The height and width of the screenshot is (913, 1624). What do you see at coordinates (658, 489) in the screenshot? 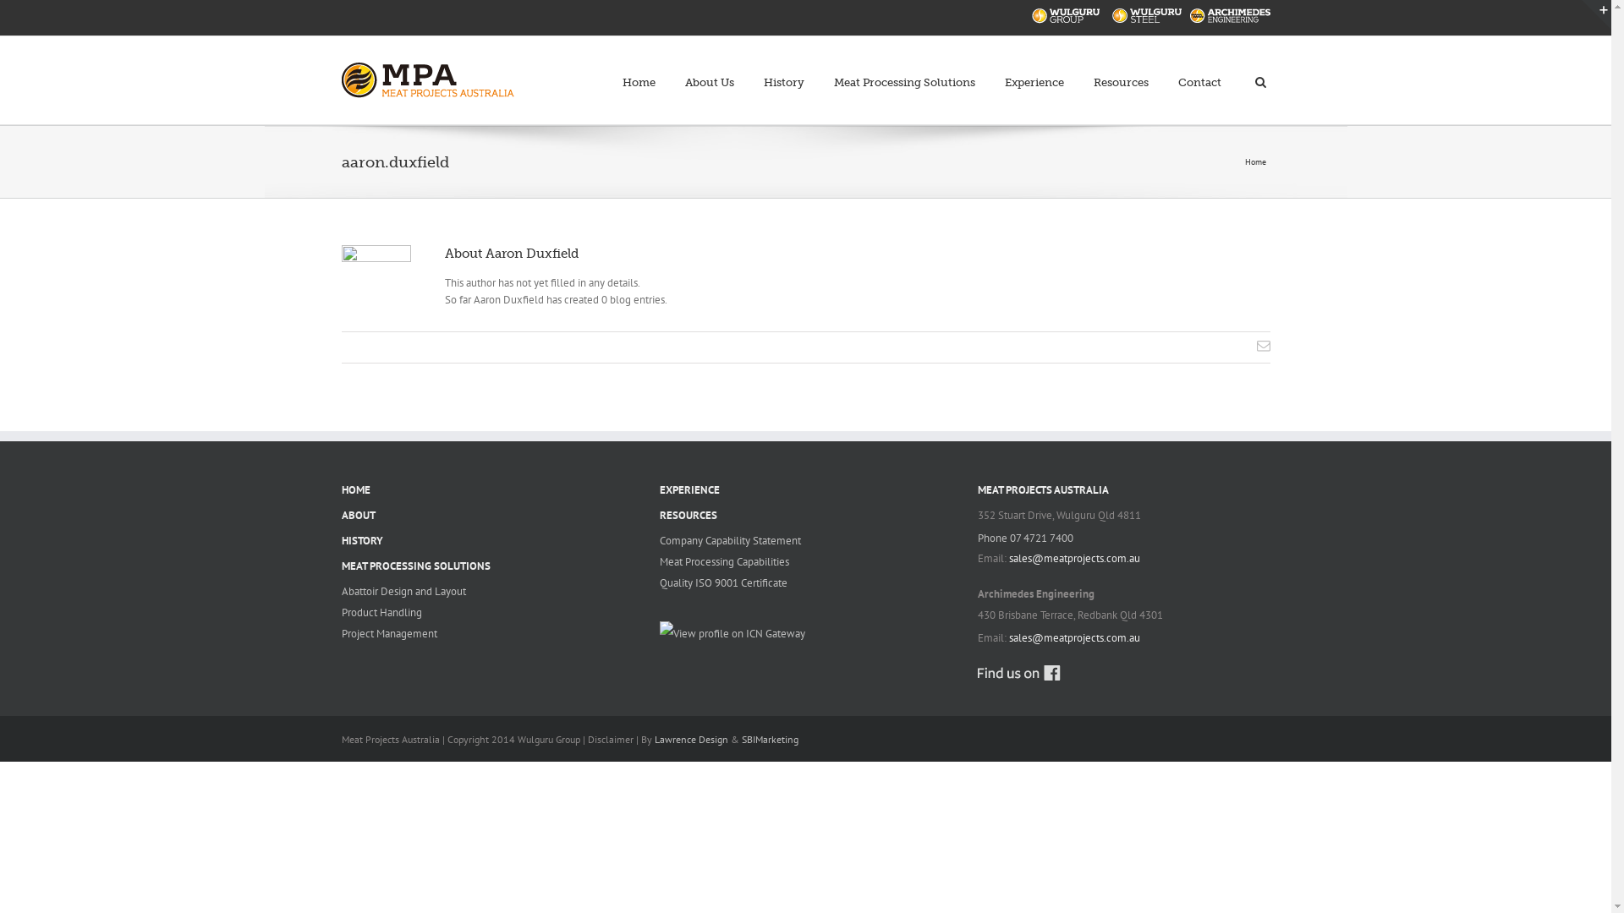
I see `'EXPERIENCE'` at bounding box center [658, 489].